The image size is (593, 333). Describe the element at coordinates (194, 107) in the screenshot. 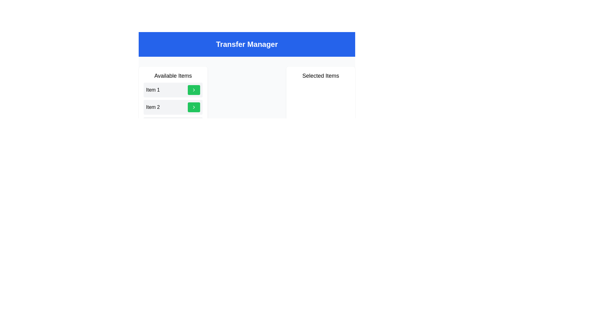

I see `the chevron icon integrated within the green button located to the right of the 'Item 2' in the 'Available Items' column` at that location.